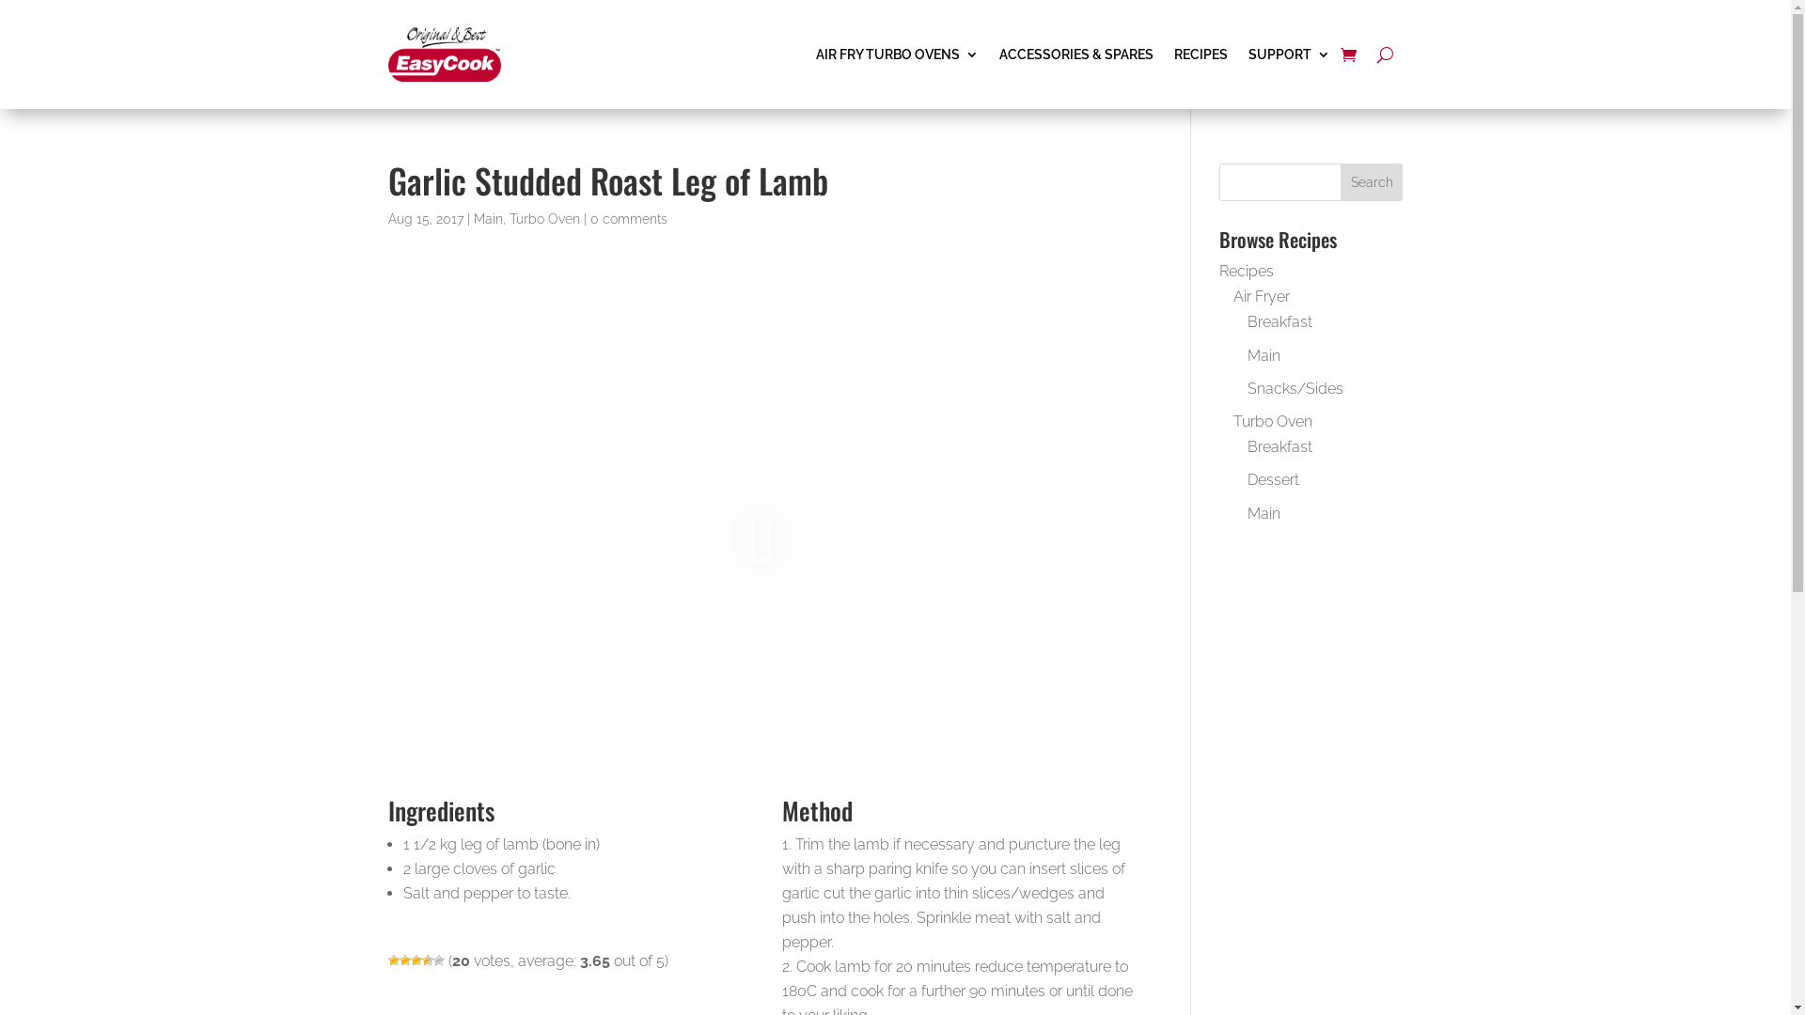  What do you see at coordinates (1075, 53) in the screenshot?
I see `'ACCESSORIES & SPARES'` at bounding box center [1075, 53].